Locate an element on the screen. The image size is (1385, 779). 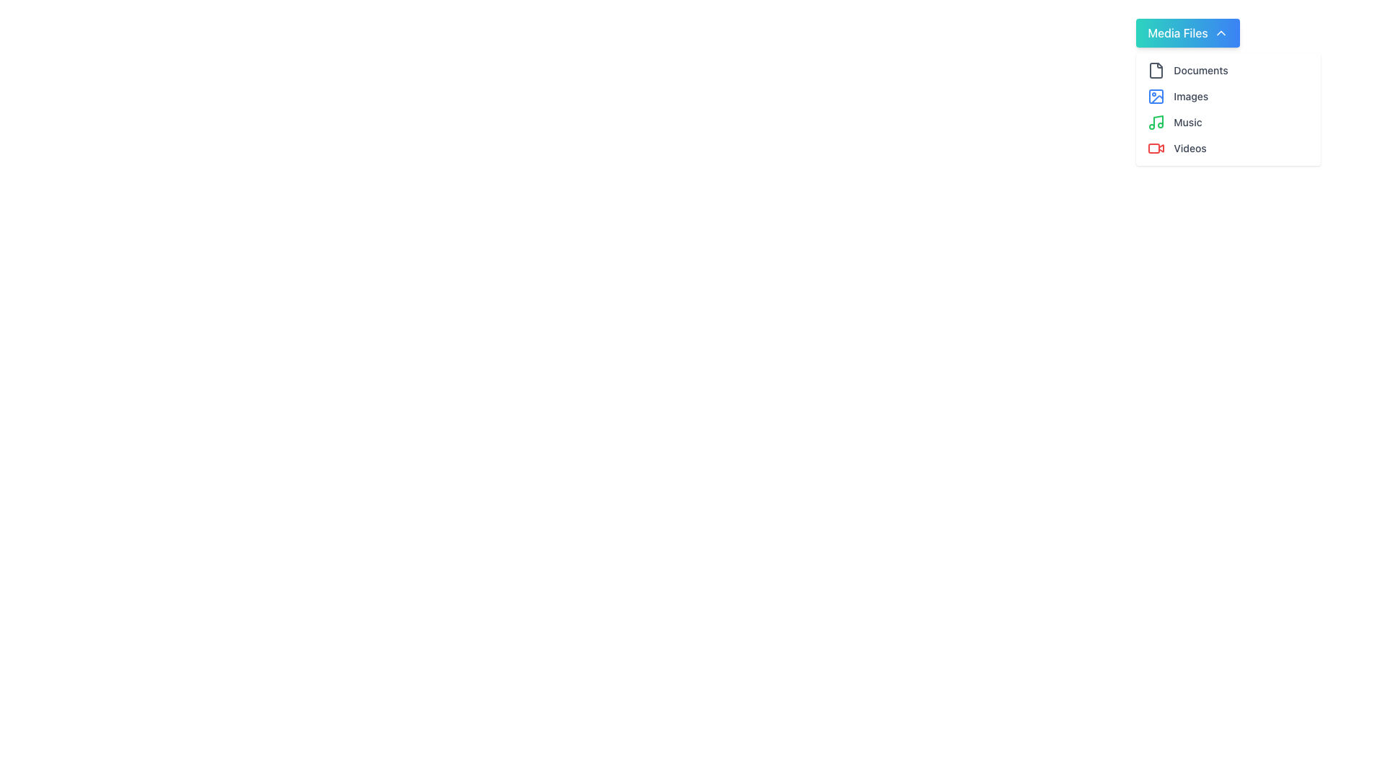
the 'Documents' icon located at the top left of the dropdown menu under 'Media Files' is located at coordinates (1156, 70).